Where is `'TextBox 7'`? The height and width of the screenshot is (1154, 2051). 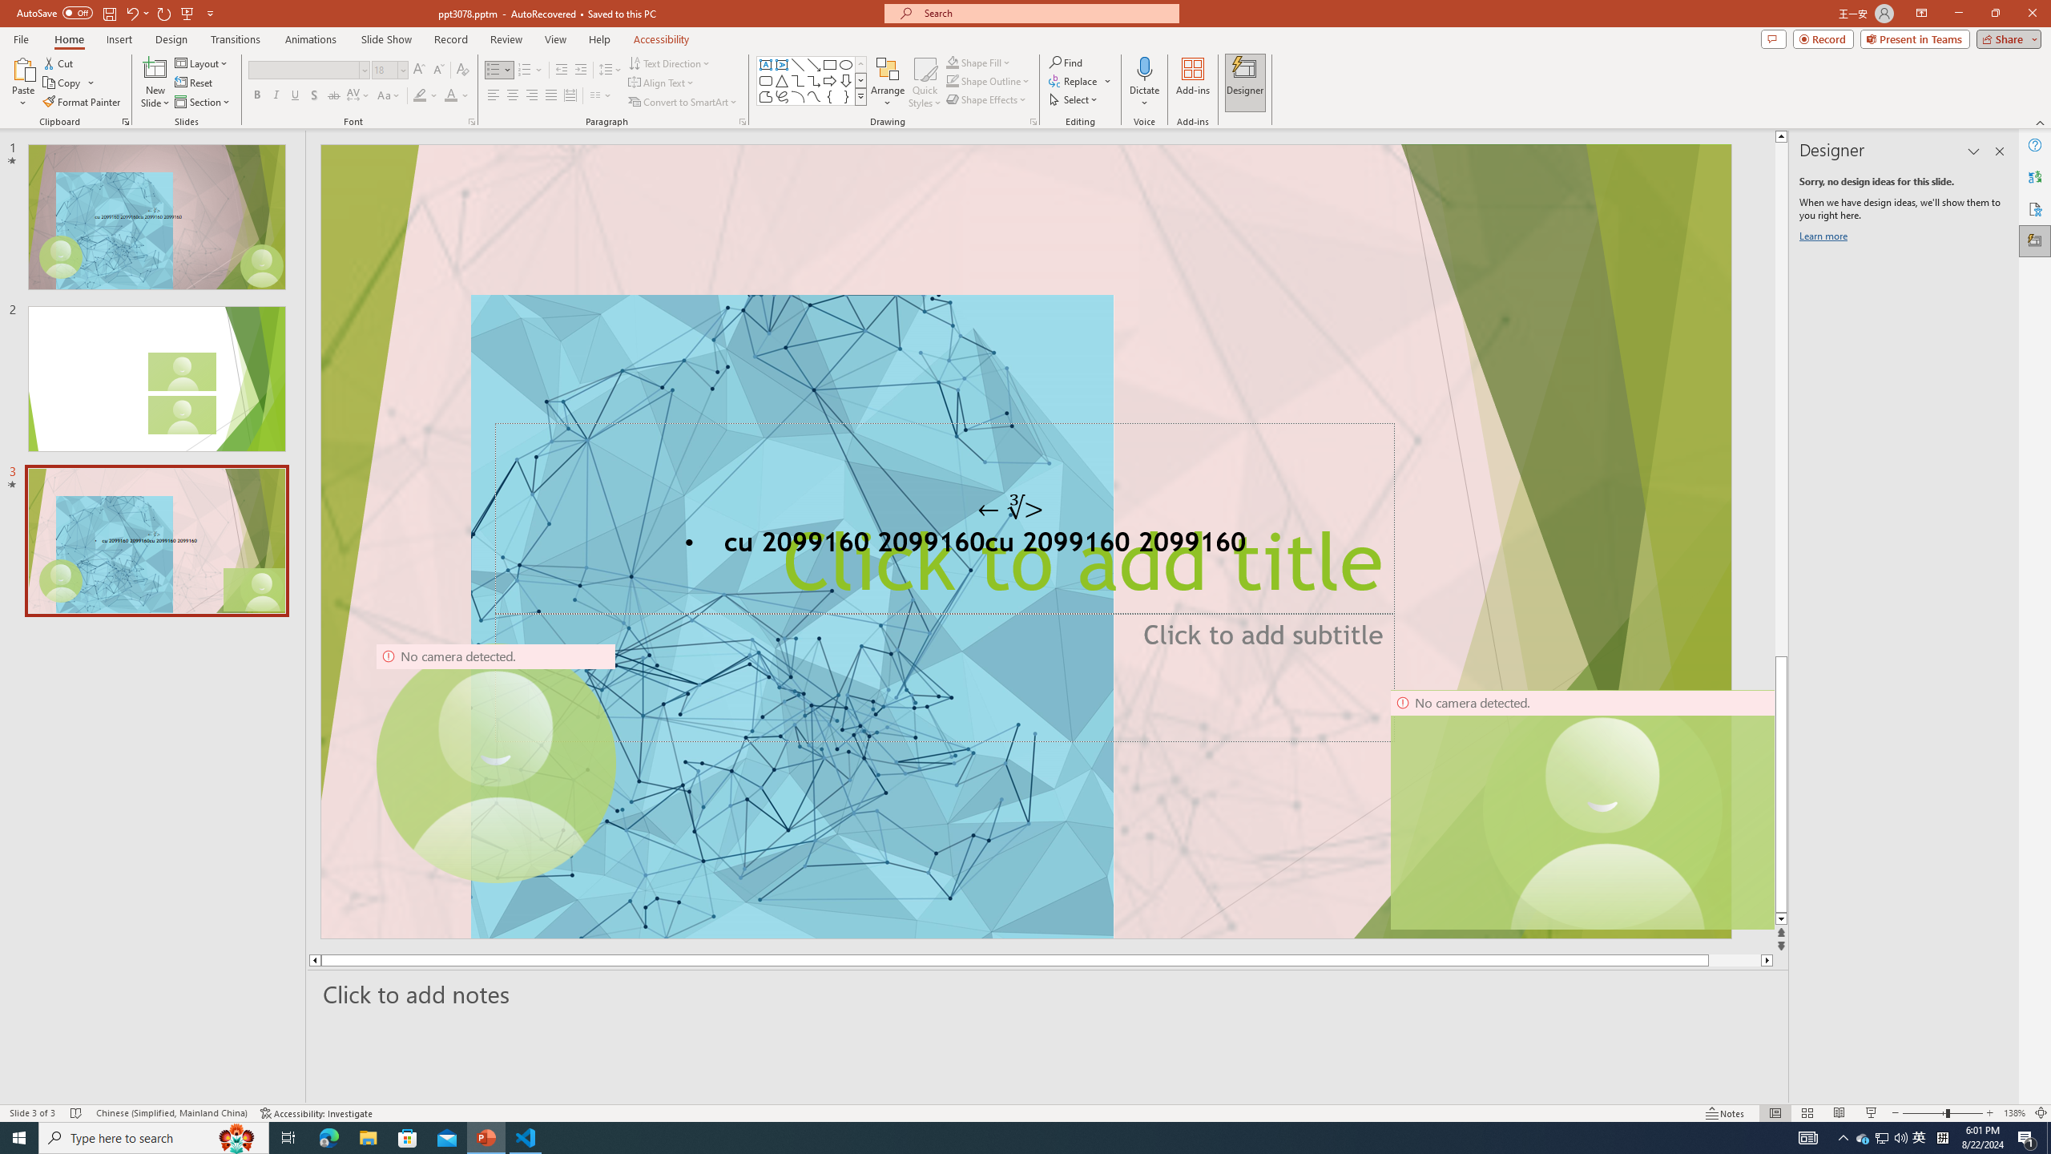
'TextBox 7' is located at coordinates (1010, 507).